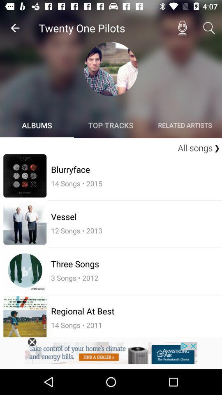 This screenshot has width=222, height=395. Describe the element at coordinates (32, 342) in the screenshot. I see `the close icon` at that location.